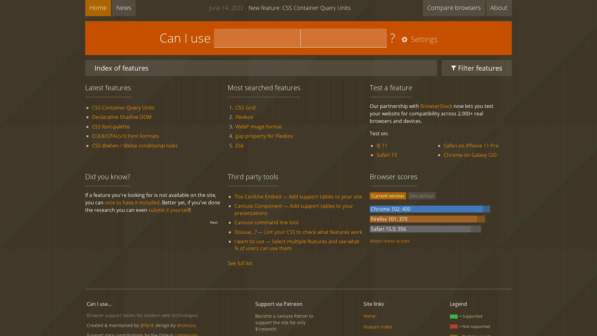 The width and height of the screenshot is (597, 336). I want to click on About these scores, so click(389, 240).